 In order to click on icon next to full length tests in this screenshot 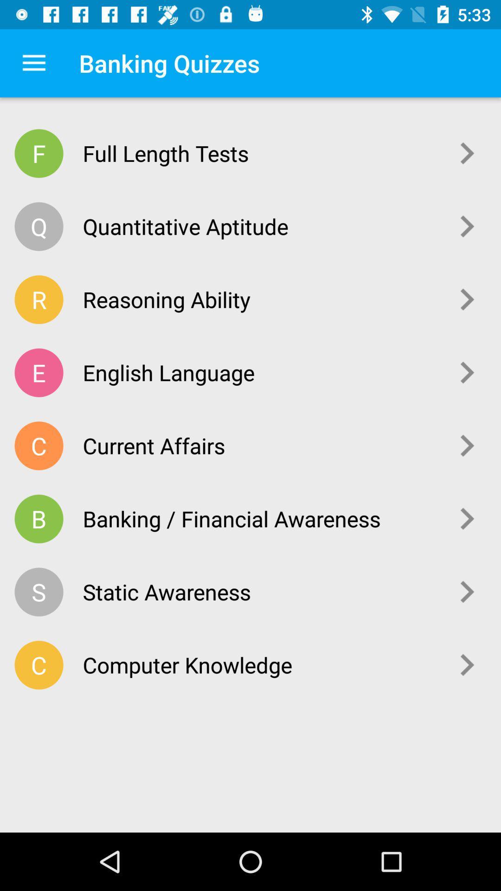, I will do `click(467, 153)`.